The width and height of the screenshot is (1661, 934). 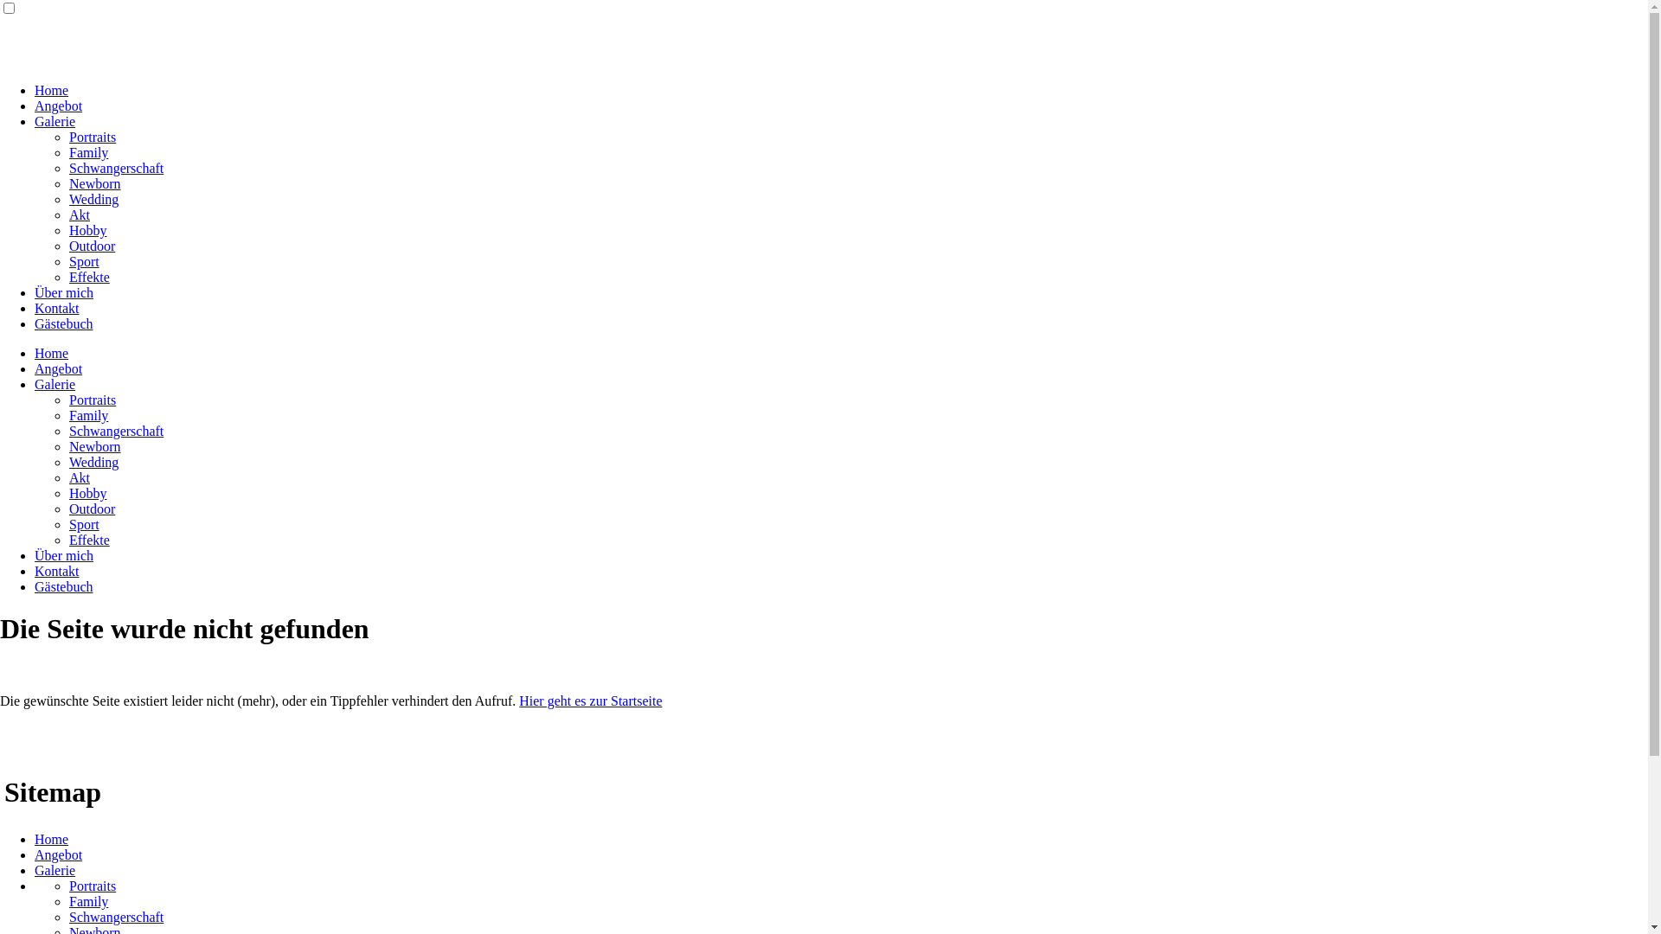 What do you see at coordinates (55, 383) in the screenshot?
I see `'Galerie'` at bounding box center [55, 383].